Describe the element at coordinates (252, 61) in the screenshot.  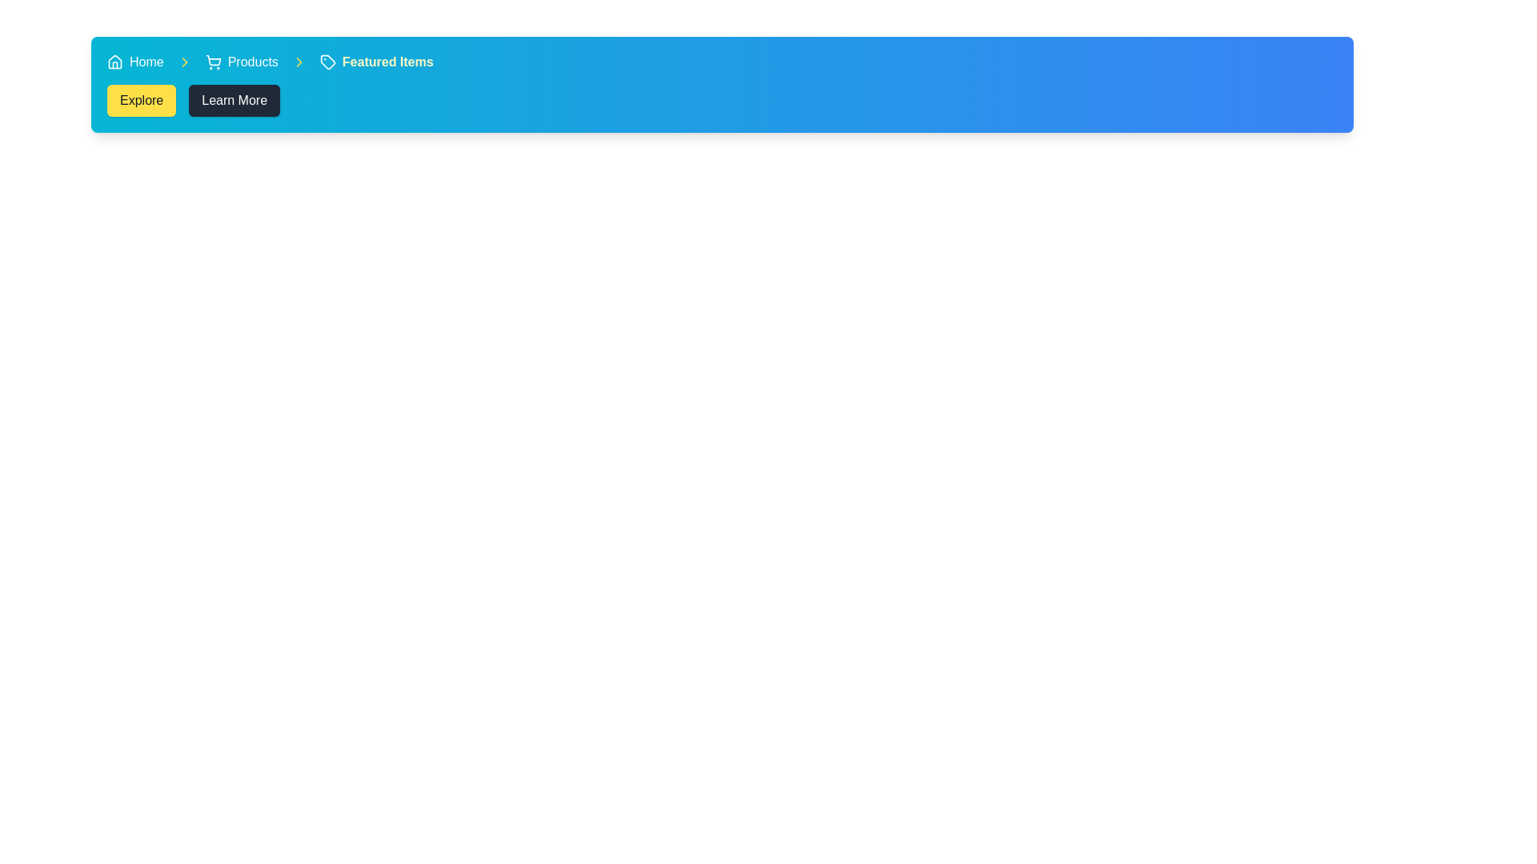
I see `the 'Products' hyperlink, which is styled with white text on a blue background and changes to yellow when hovered over` at that location.